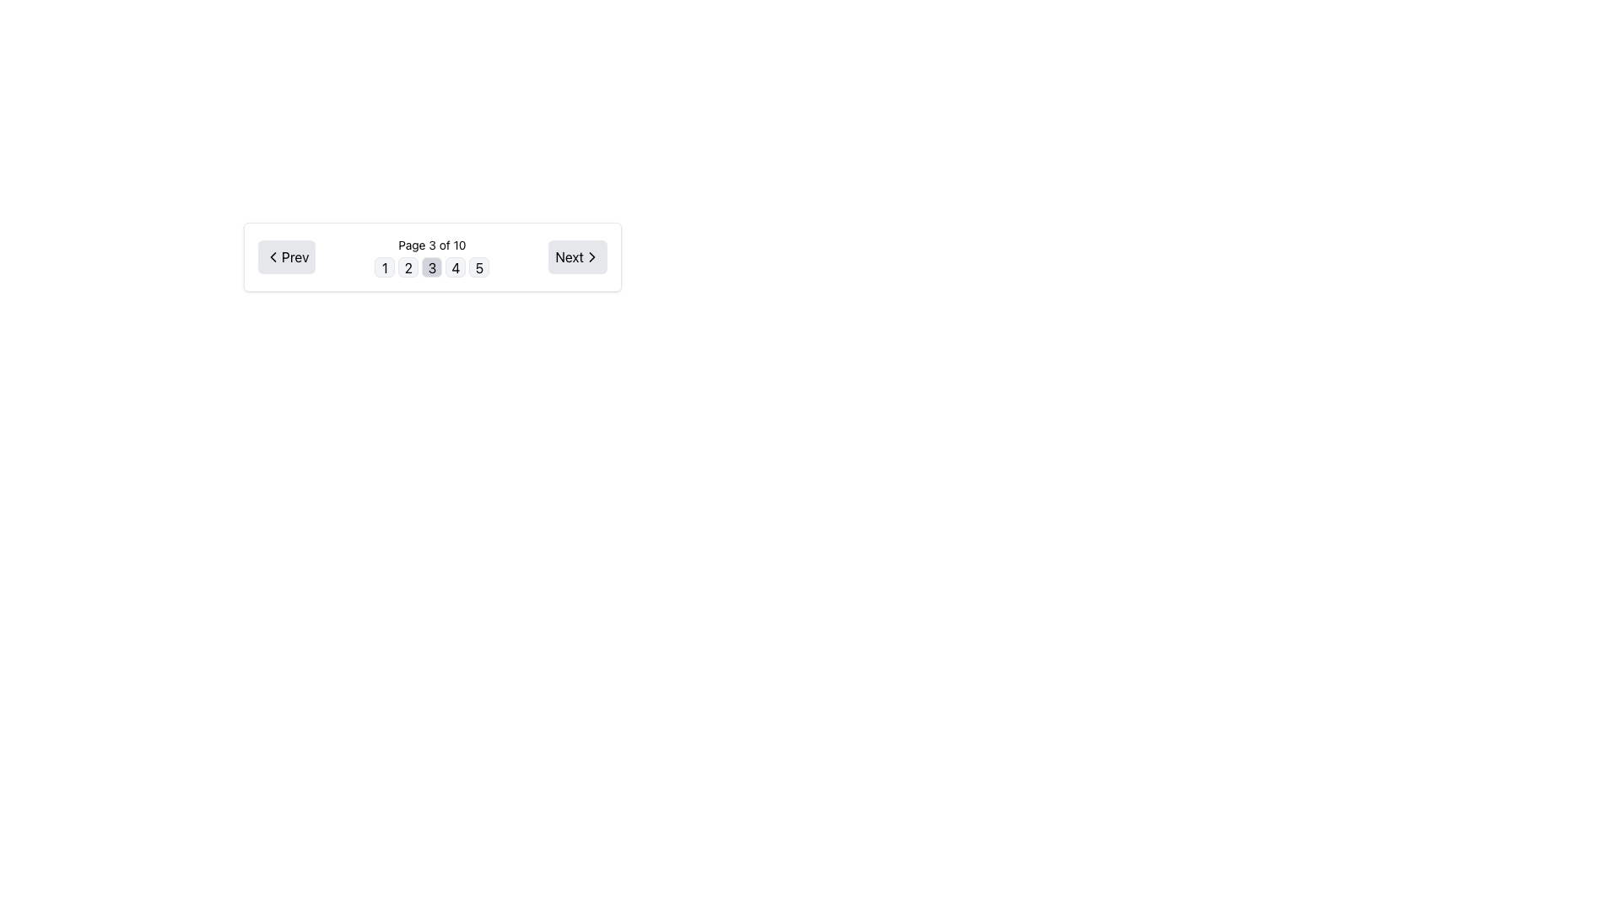 This screenshot has width=1620, height=911. Describe the element at coordinates (591, 256) in the screenshot. I see `the navigation button containing the right-pointing chevron icon beside the text 'Next'` at that location.